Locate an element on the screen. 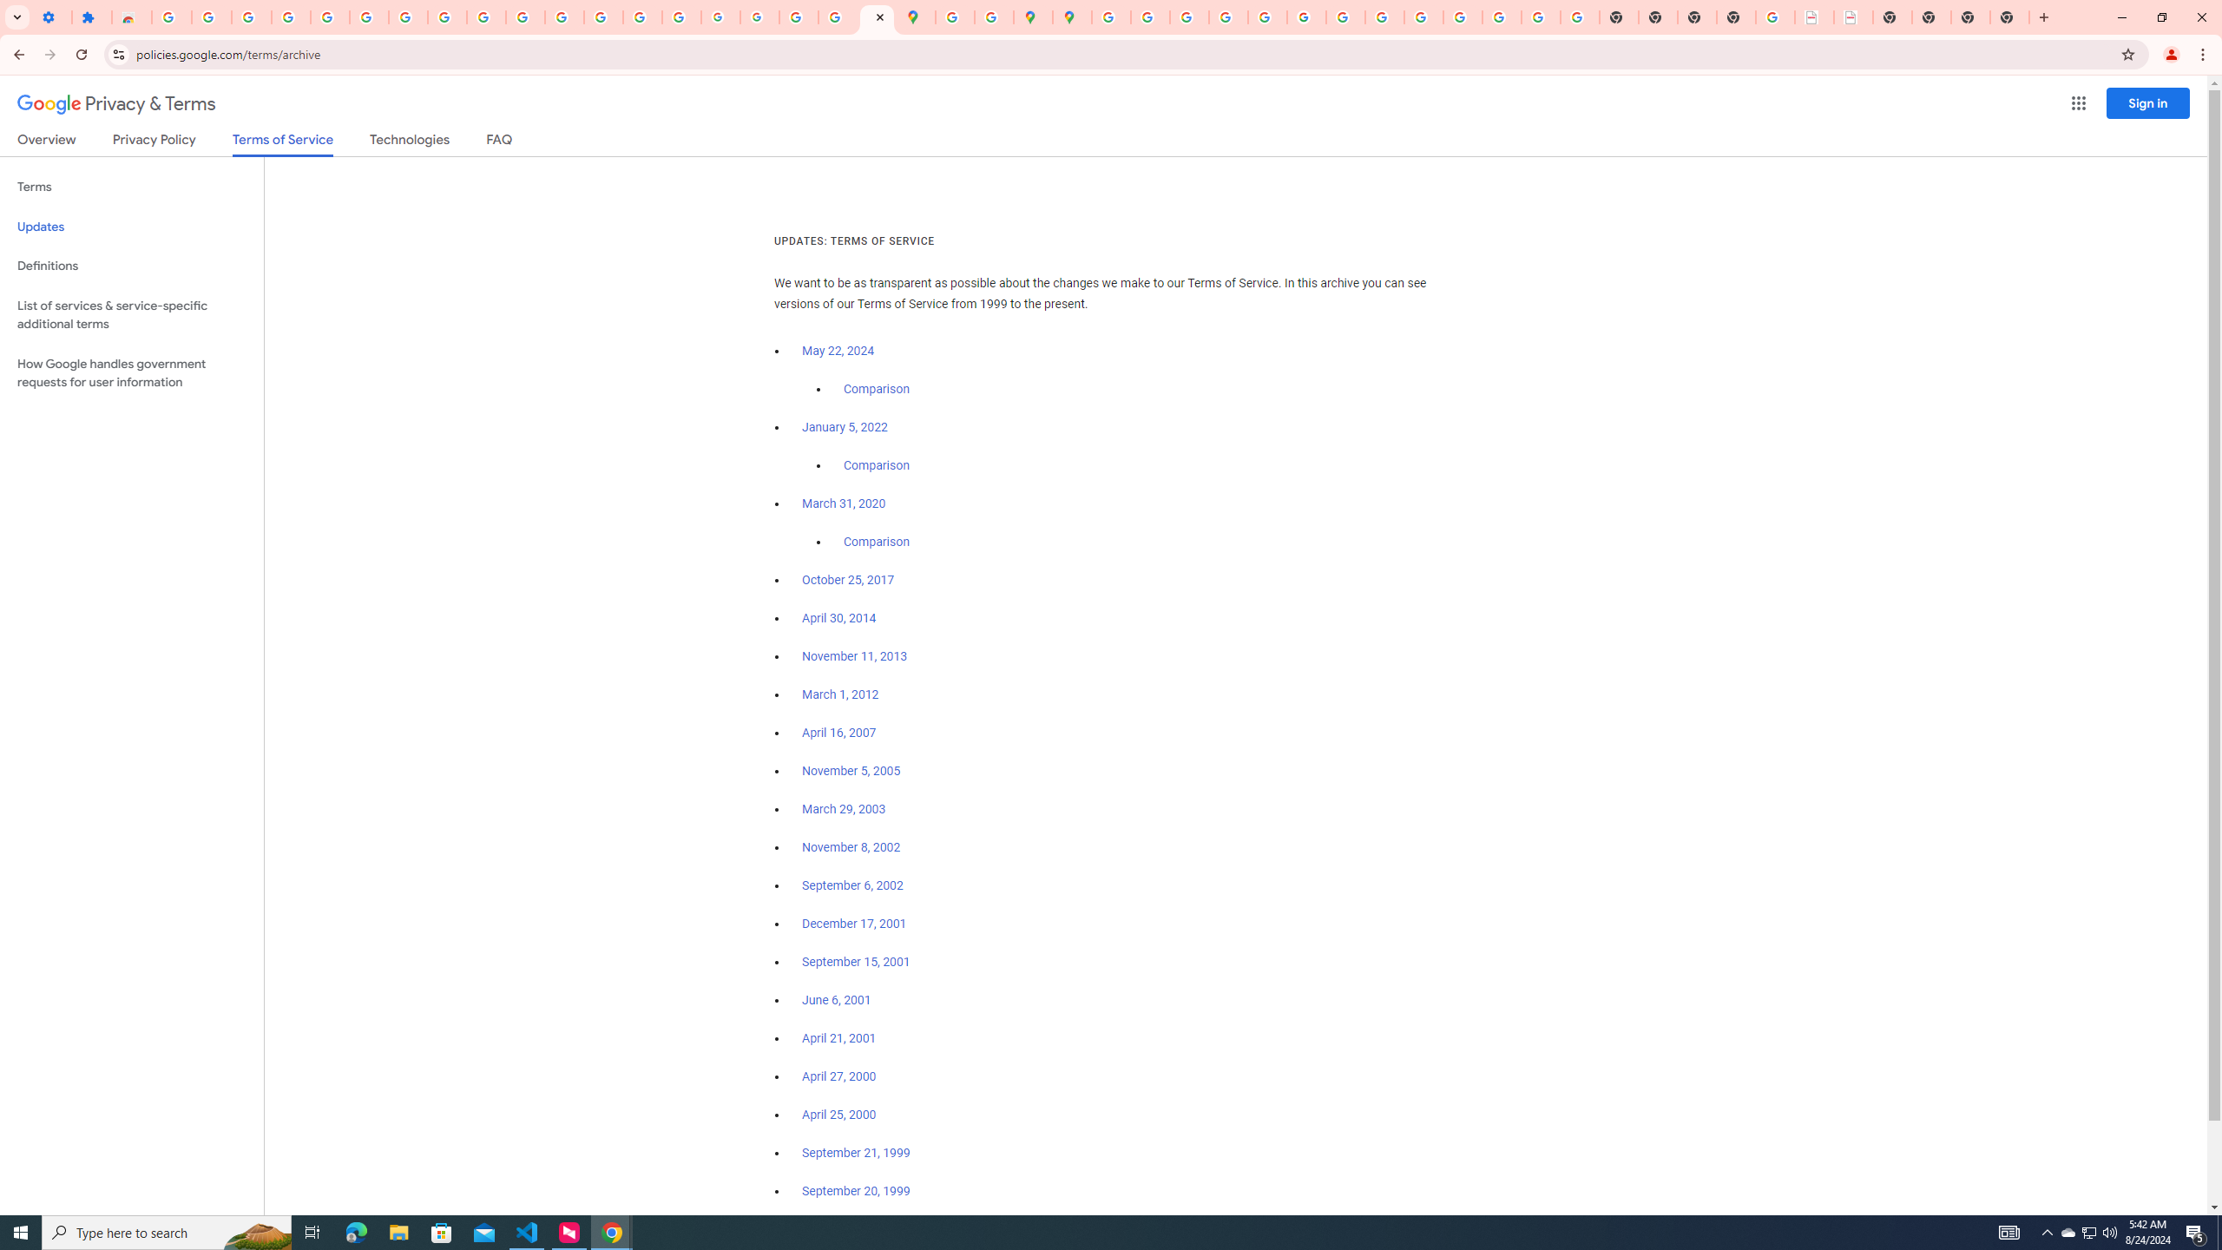 This screenshot has height=1250, width=2222. 'September 20, 1999' is located at coordinates (856, 1190).